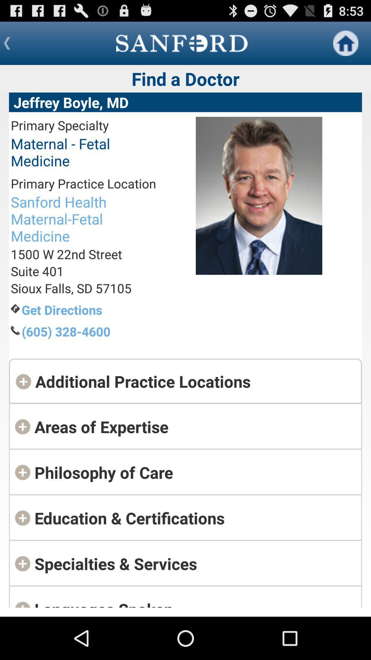 The width and height of the screenshot is (371, 660). Describe the element at coordinates (88, 309) in the screenshot. I see `the get directions app` at that location.